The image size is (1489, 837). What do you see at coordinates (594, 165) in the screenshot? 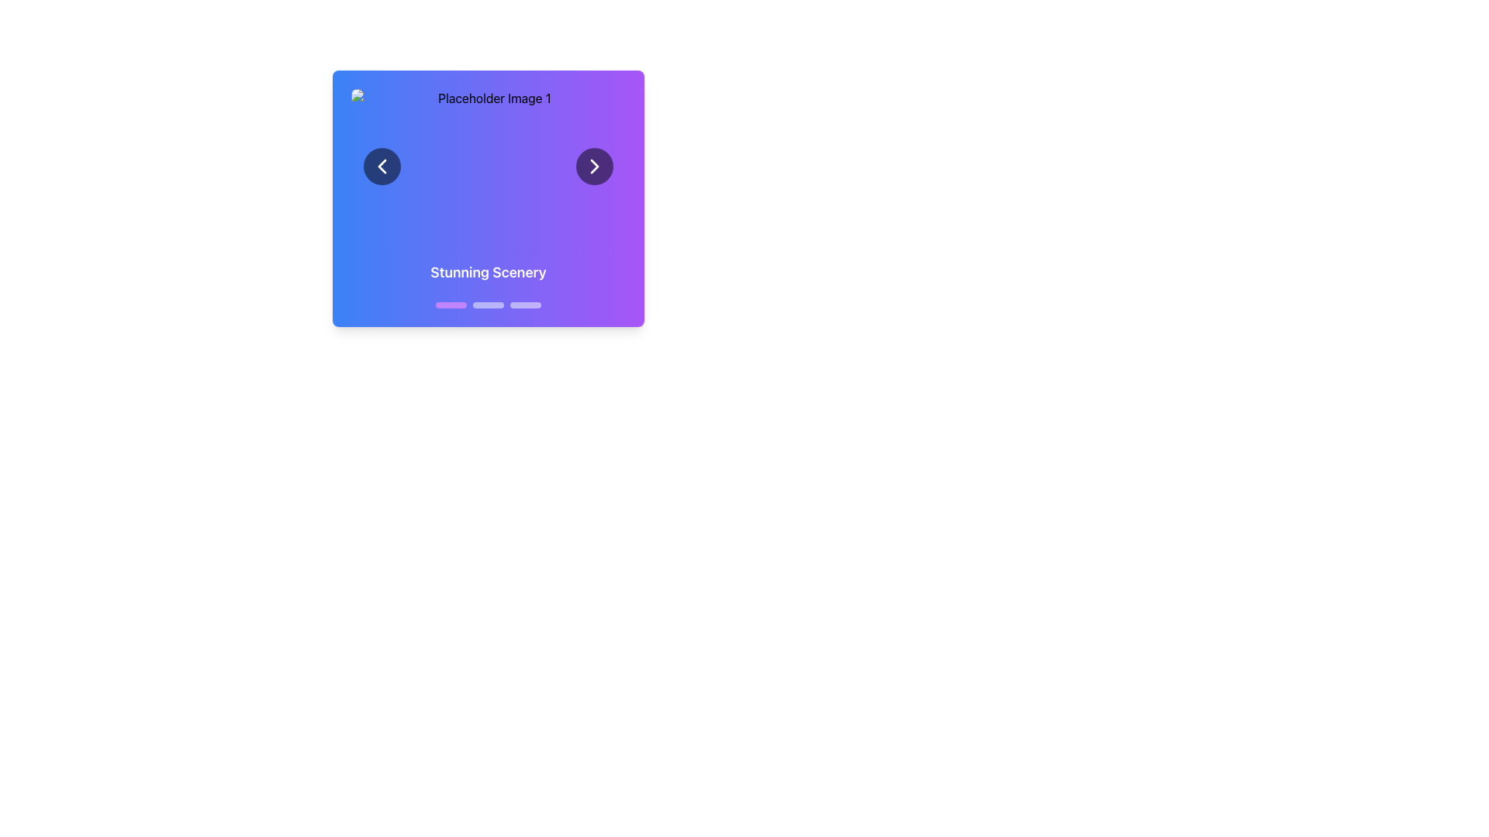
I see `the button located on the right side of the card, which is horizontally centered` at bounding box center [594, 165].